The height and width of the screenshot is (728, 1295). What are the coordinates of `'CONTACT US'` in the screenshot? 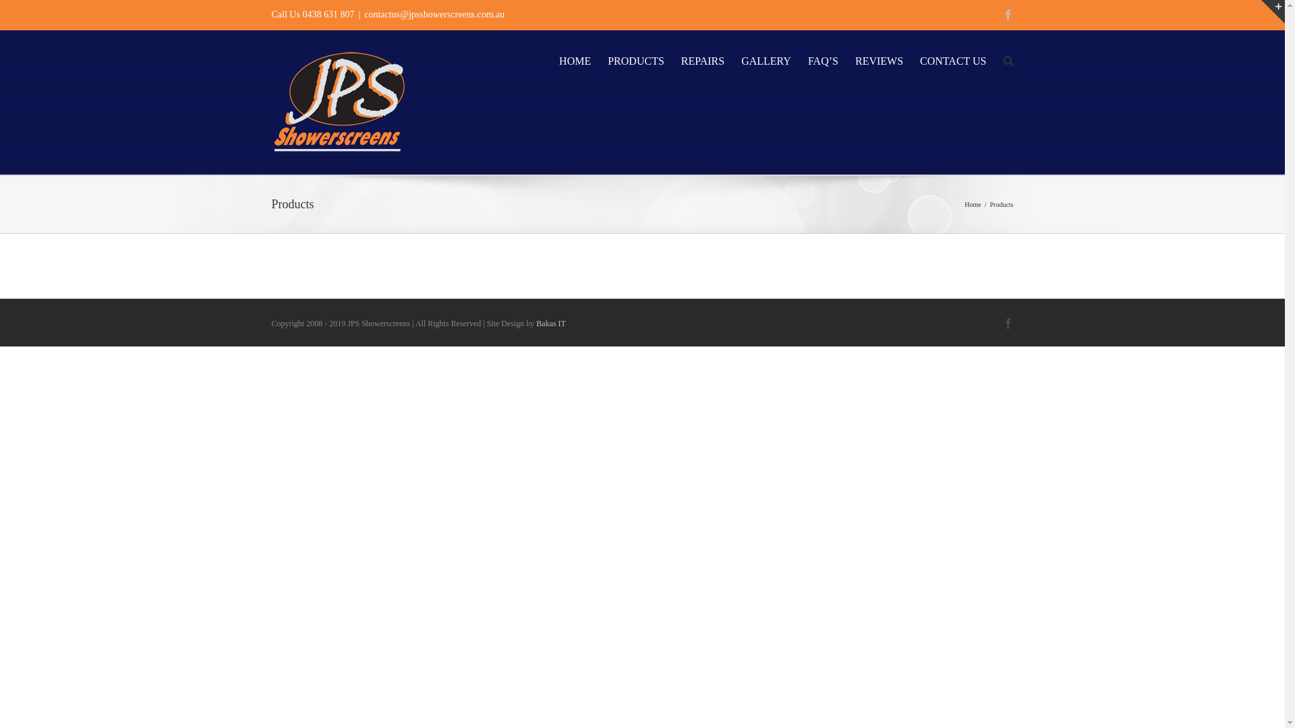 It's located at (952, 59).